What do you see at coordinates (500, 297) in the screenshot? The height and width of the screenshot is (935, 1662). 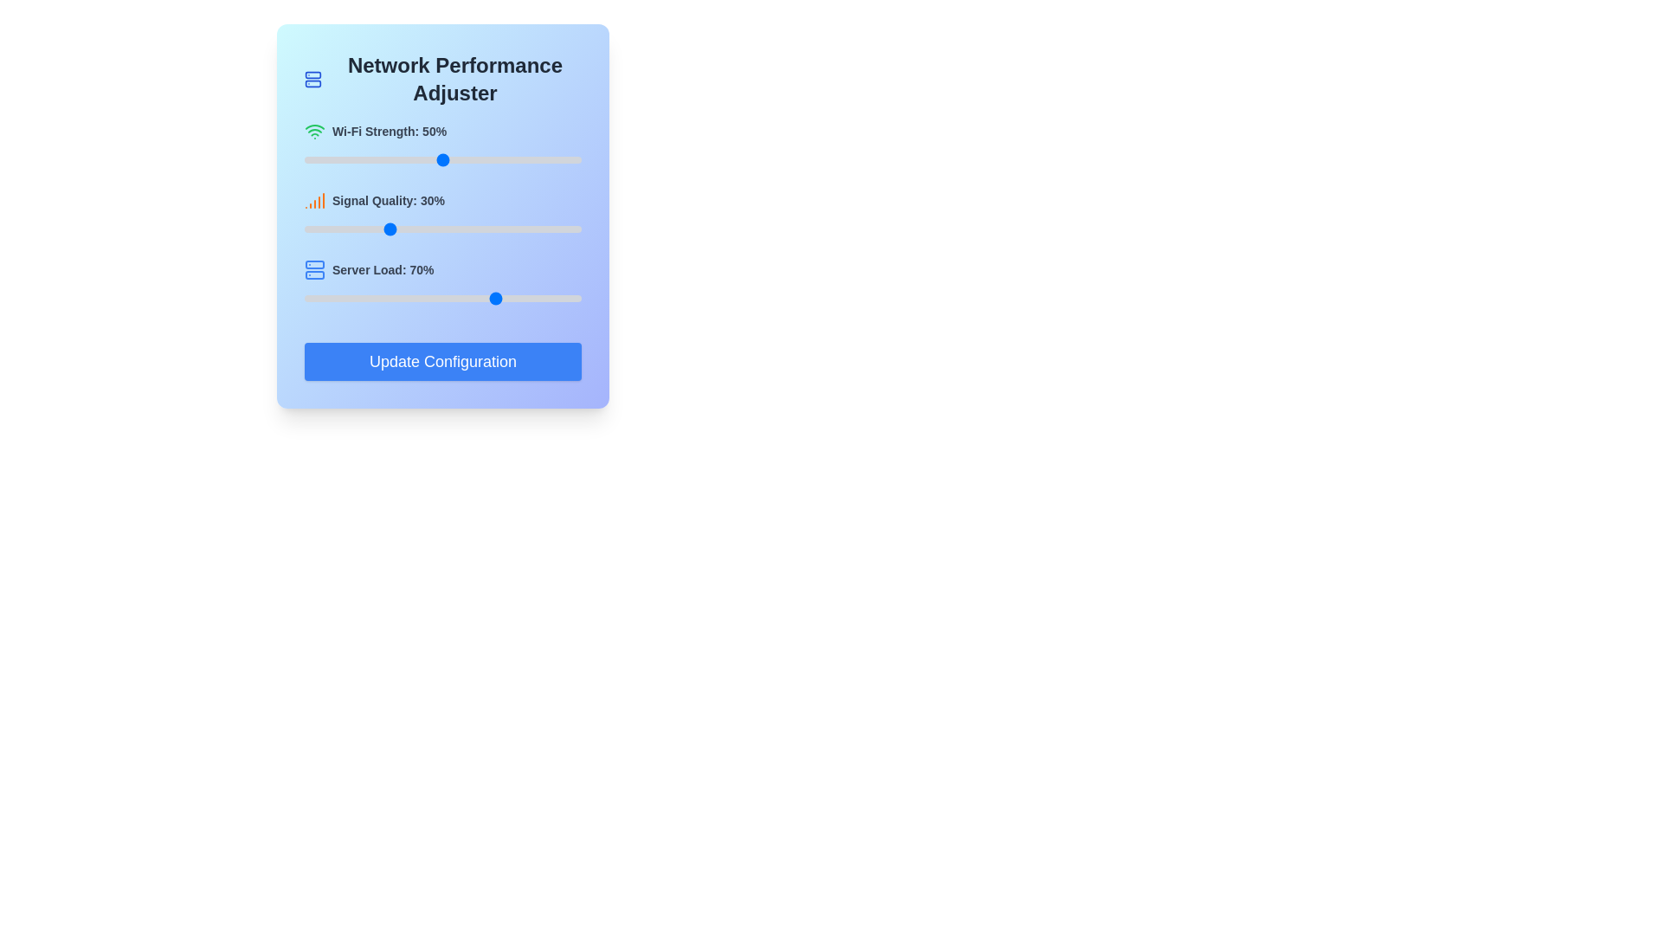 I see `the server load slider` at bounding box center [500, 297].